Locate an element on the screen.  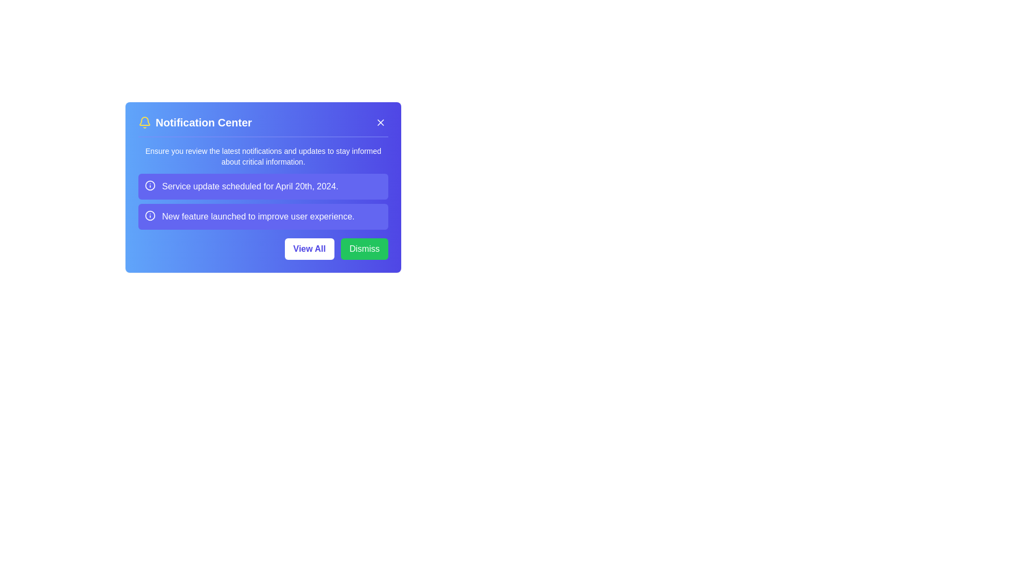
the notification box displaying the message 'New feature launched to improve user experience.' which is the second notification in the Notification Center panel is located at coordinates (263, 216).